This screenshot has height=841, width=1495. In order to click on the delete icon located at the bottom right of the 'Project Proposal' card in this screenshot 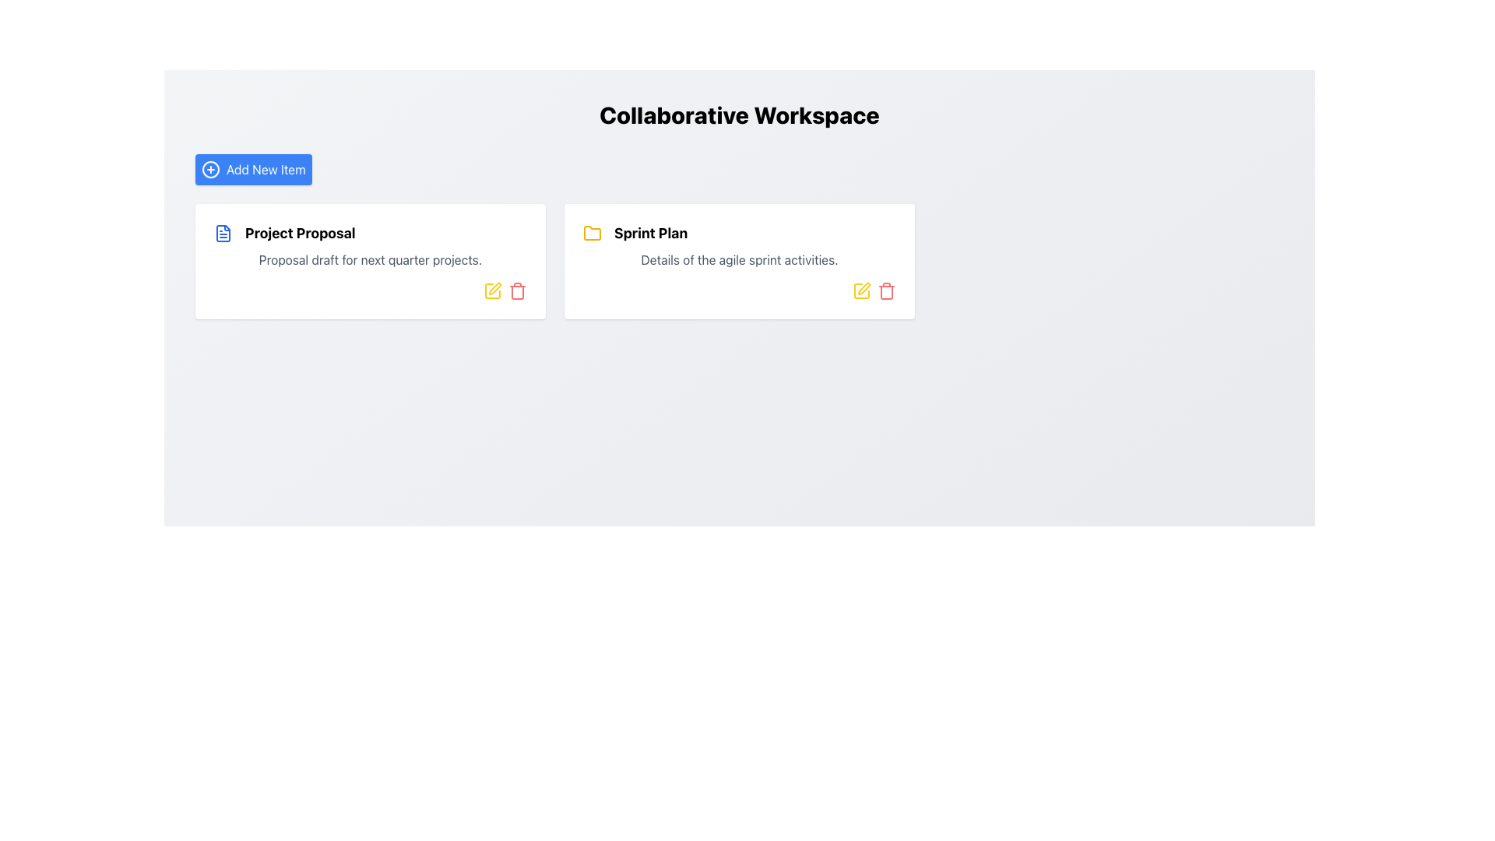, I will do `click(518, 291)`.